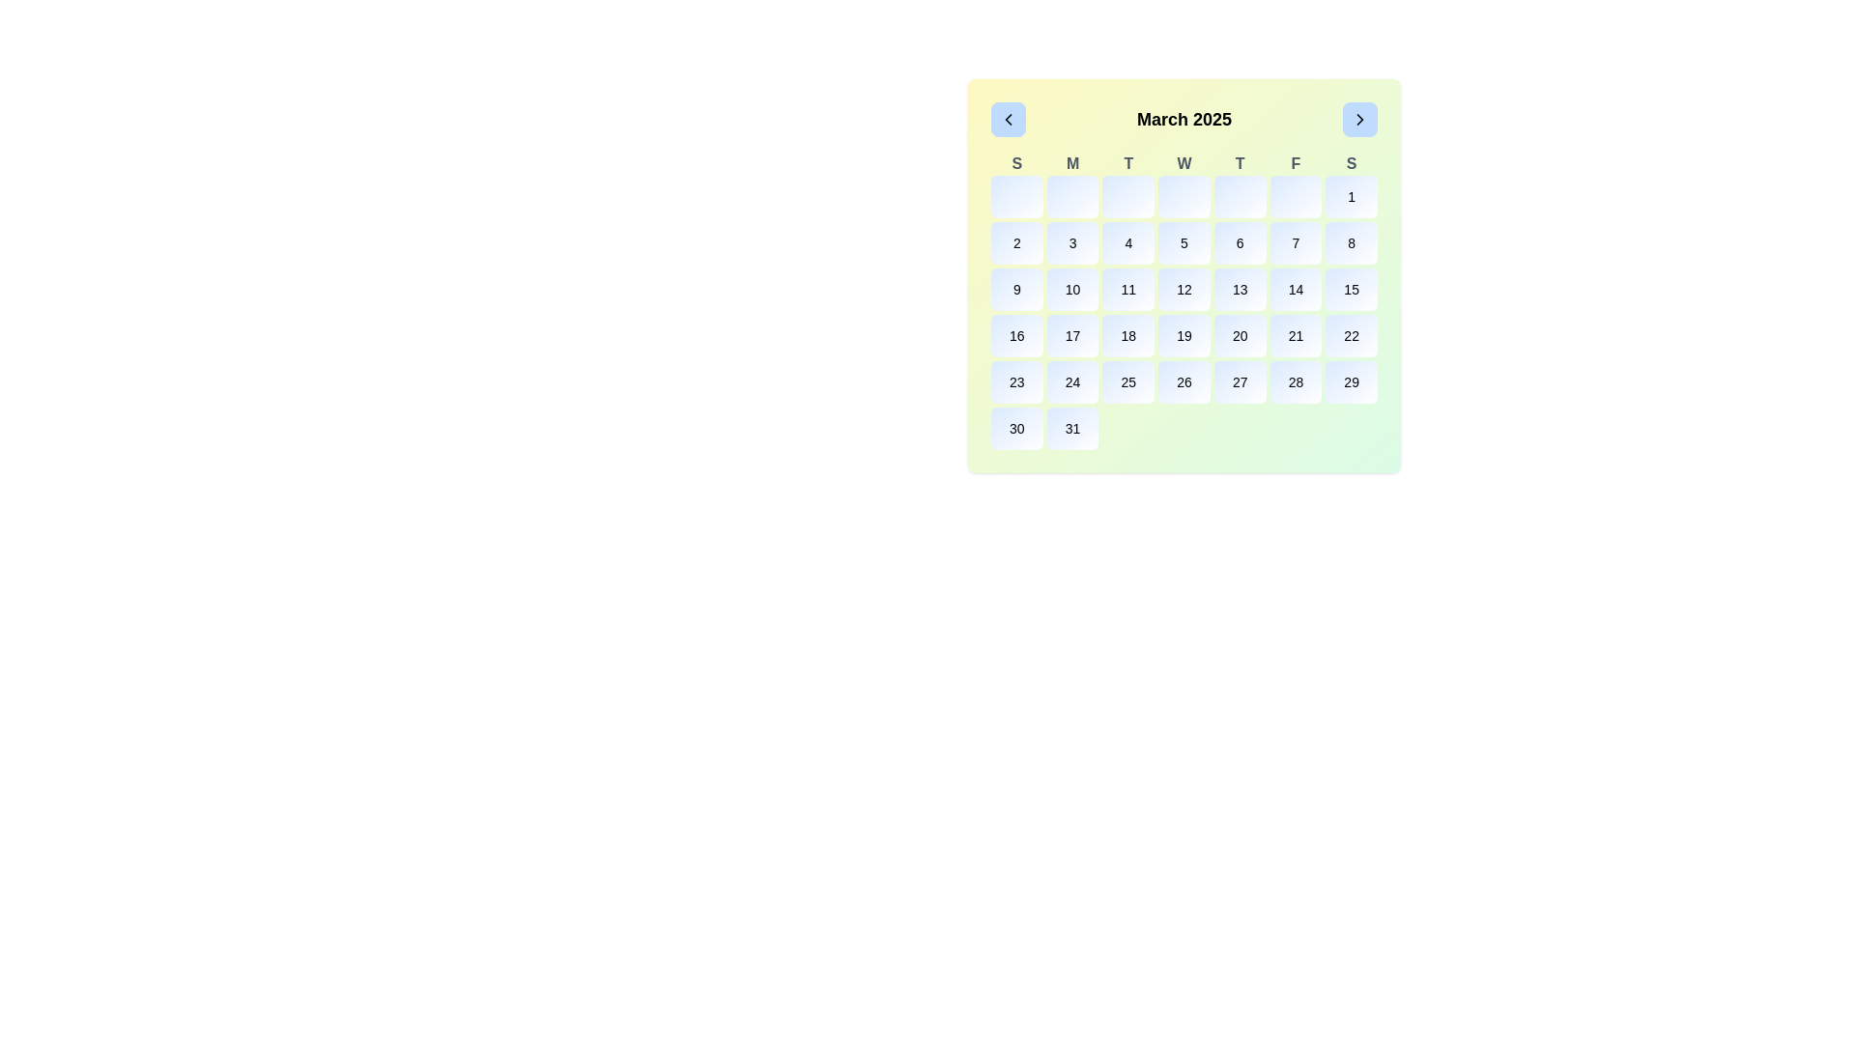 This screenshot has width=1855, height=1043. I want to click on the rectangular button with a gradient background transitioning from blue to white, located in the fourth column of the first row in a calendar-like grid layout, so click(1183, 197).